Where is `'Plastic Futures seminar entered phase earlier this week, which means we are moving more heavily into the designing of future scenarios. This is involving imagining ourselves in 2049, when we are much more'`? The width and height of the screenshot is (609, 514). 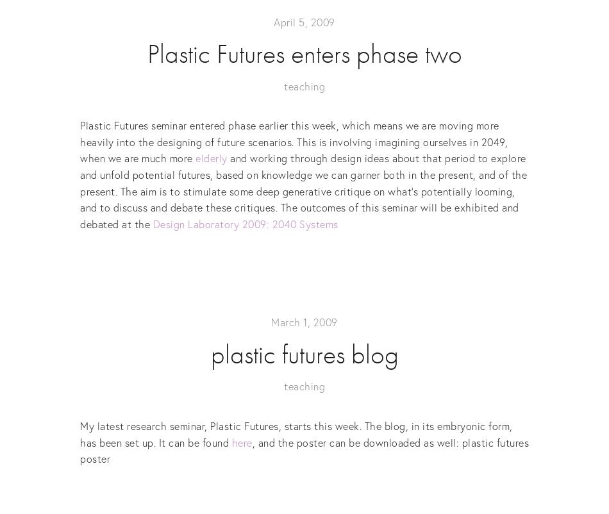
'Plastic Futures seminar entered phase earlier this week, which means we are moving more heavily into the designing of future scenarios. This is involving imagining ourselves in 2049, when we are much more' is located at coordinates (293, 141).